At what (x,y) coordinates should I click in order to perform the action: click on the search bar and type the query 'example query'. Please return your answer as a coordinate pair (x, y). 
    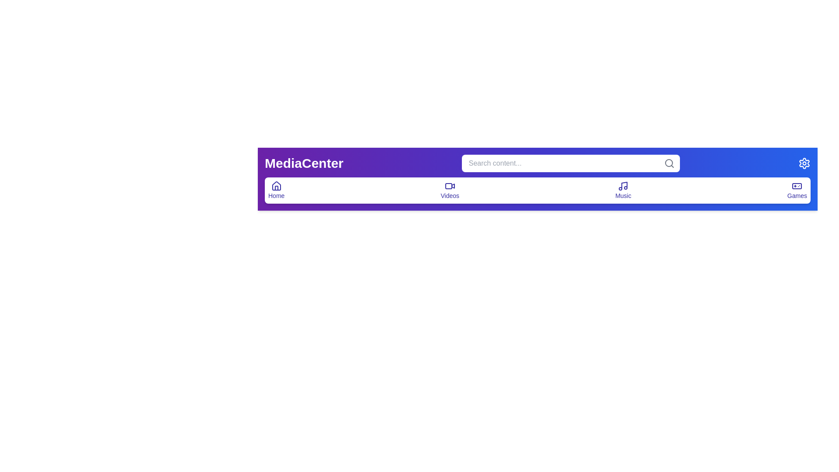
    Looking at the image, I should click on (570, 163).